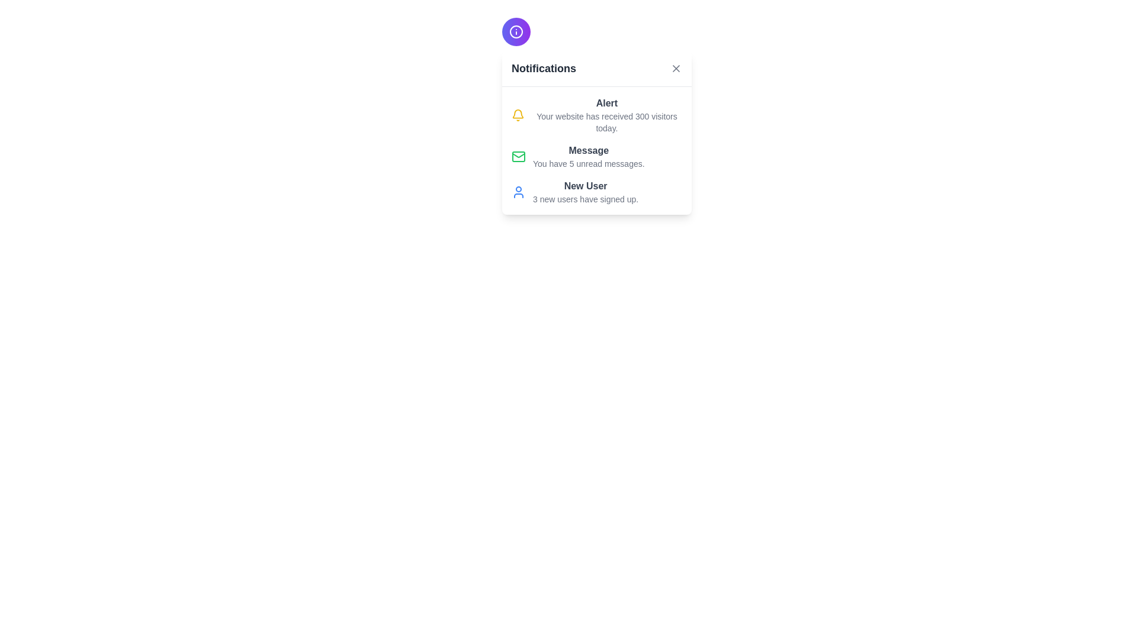 Image resolution: width=1137 pixels, height=639 pixels. I want to click on the text label indicating the number of unread messages located in the notifications panel below the 'Message' heading, so click(589, 164).